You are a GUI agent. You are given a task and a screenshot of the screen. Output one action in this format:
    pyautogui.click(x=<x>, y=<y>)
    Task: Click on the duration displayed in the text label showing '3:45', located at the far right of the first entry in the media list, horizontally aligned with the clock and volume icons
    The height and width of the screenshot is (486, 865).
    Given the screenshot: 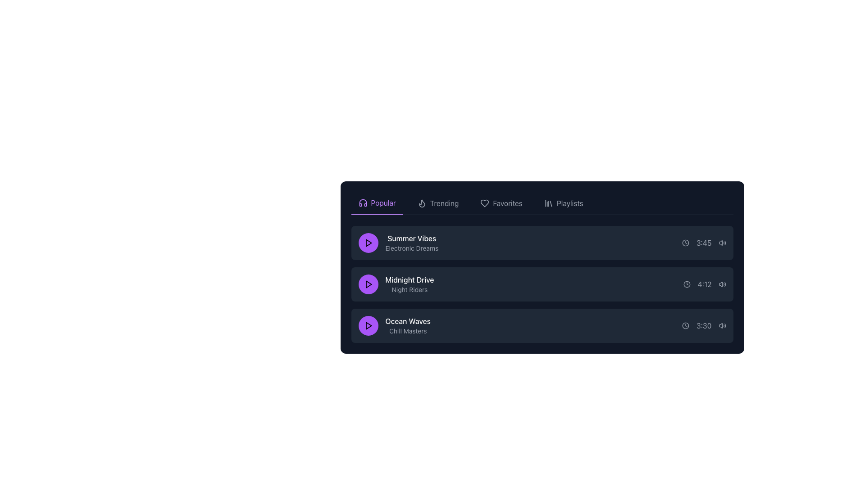 What is the action you would take?
    pyautogui.click(x=703, y=243)
    